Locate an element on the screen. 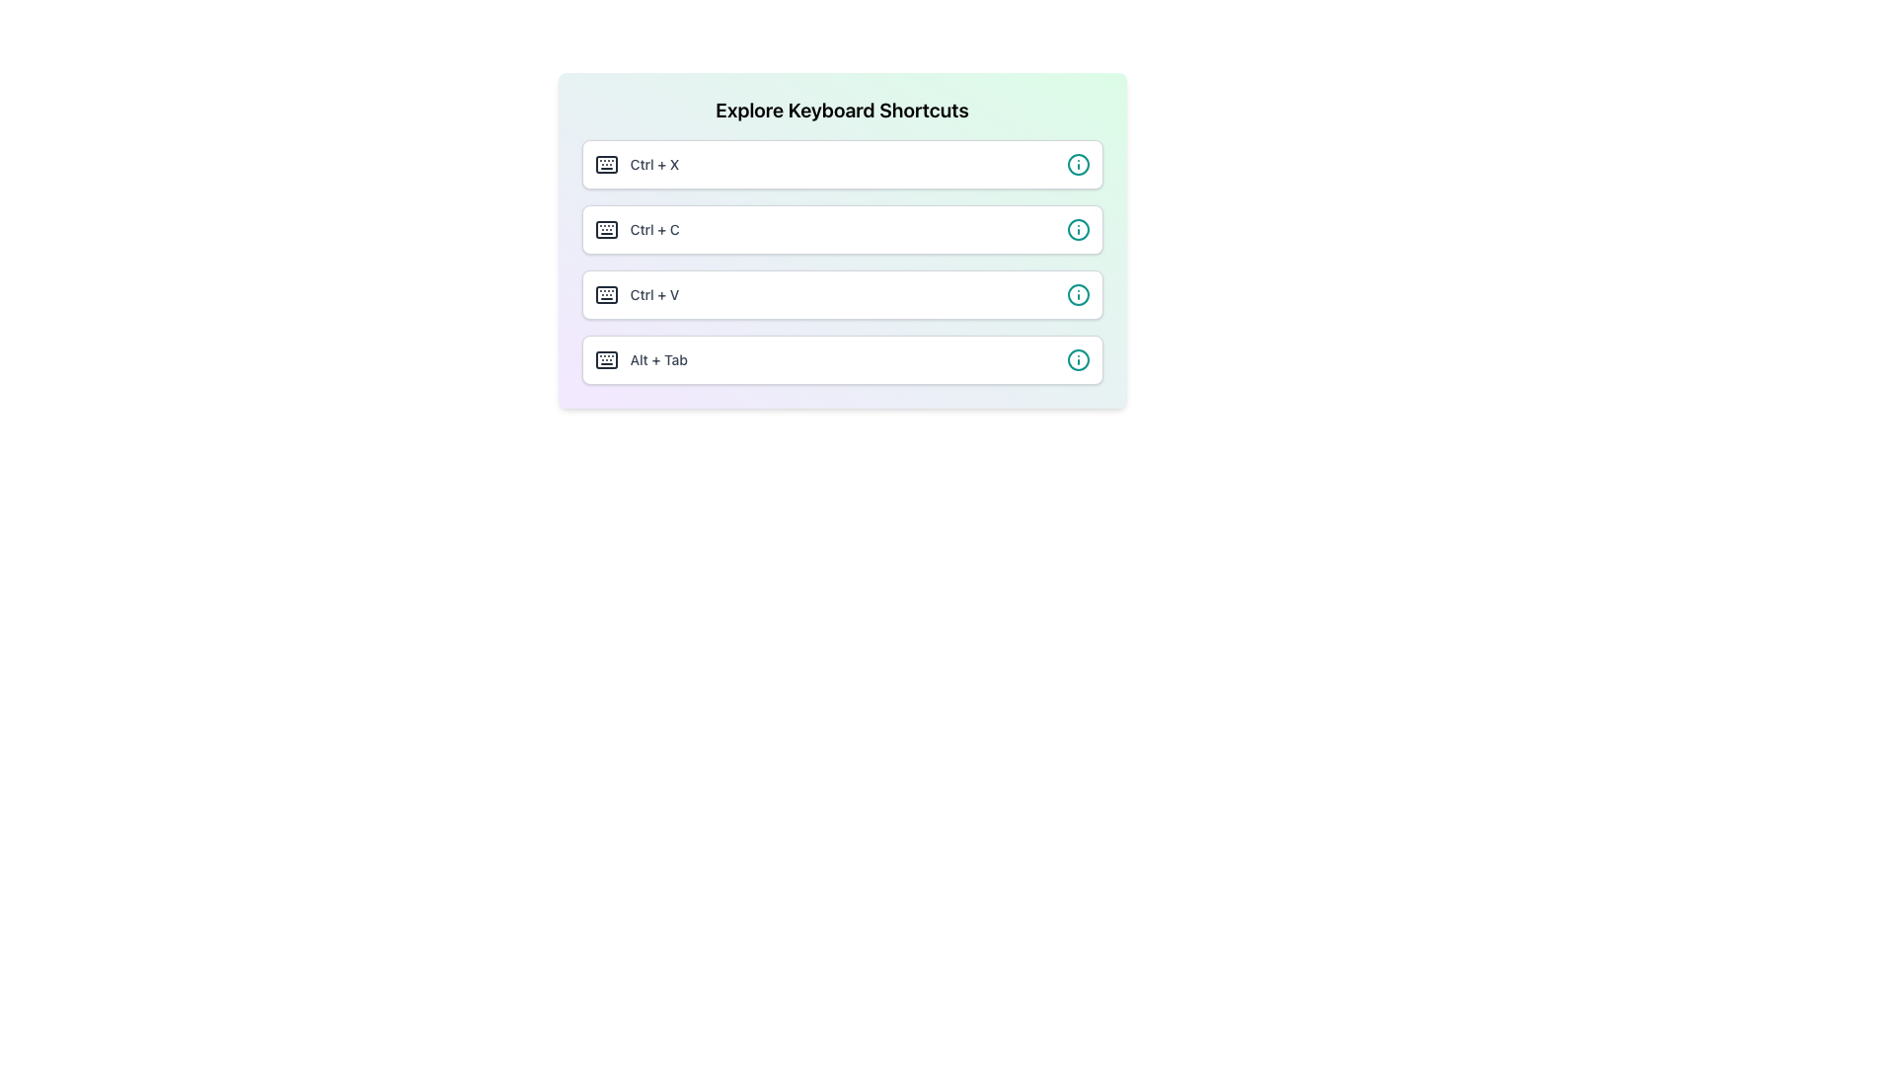  title text element located at the top of the keyboard shortcuts panel, which provides context about the content below is located at coordinates (842, 110).